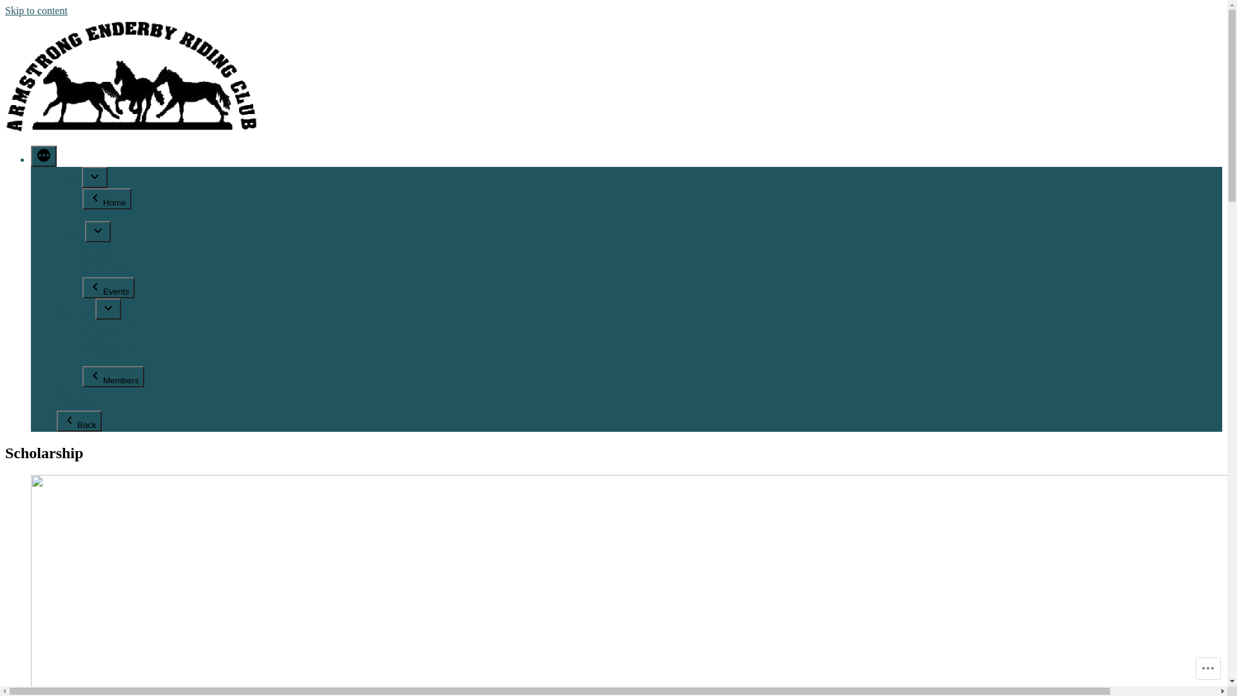 The image size is (1237, 696). Describe the element at coordinates (68, 180) in the screenshot. I see `'Home'` at that location.